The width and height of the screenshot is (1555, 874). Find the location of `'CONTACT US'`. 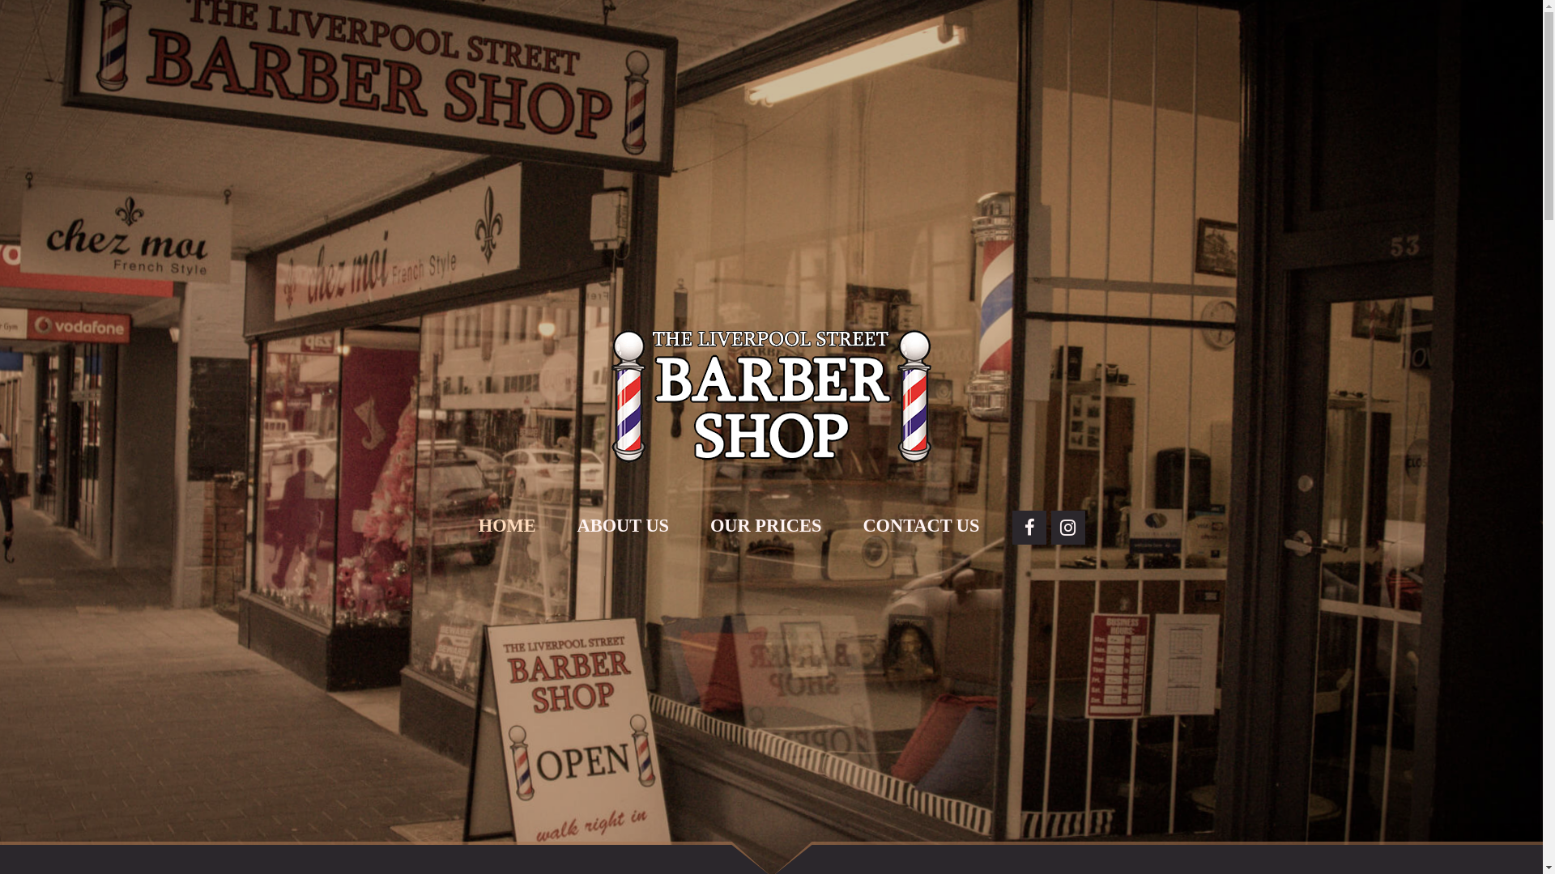

'CONTACT US' is located at coordinates (850, 526).